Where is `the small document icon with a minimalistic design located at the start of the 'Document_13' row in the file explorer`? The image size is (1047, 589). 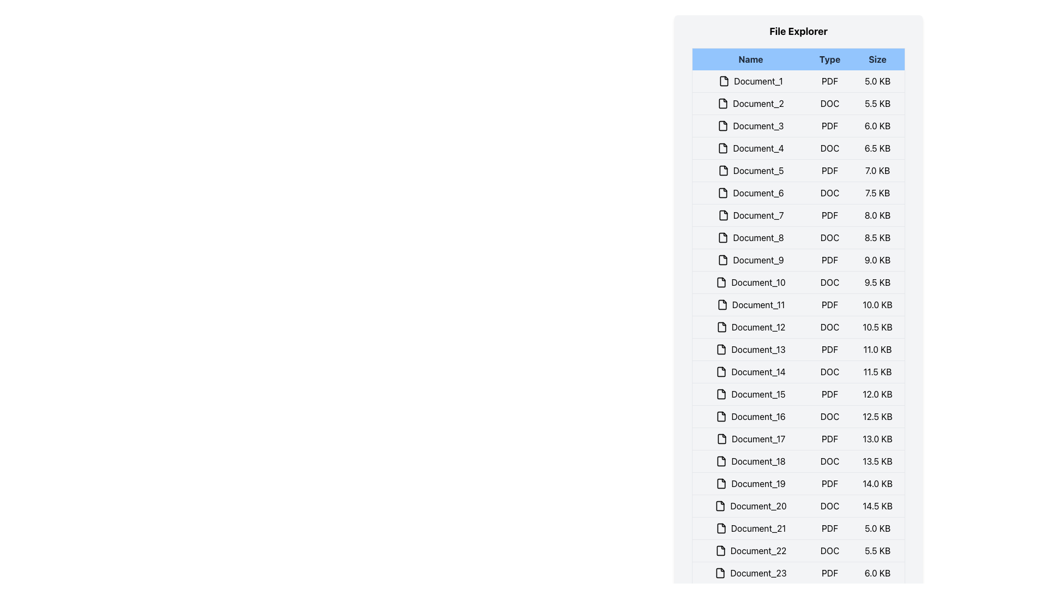
the small document icon with a minimalistic design located at the start of the 'Document_13' row in the file explorer is located at coordinates (721, 349).